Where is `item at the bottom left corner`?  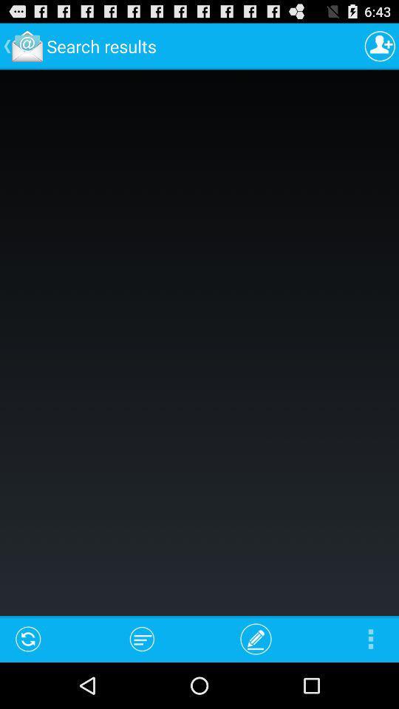 item at the bottom left corner is located at coordinates (28, 638).